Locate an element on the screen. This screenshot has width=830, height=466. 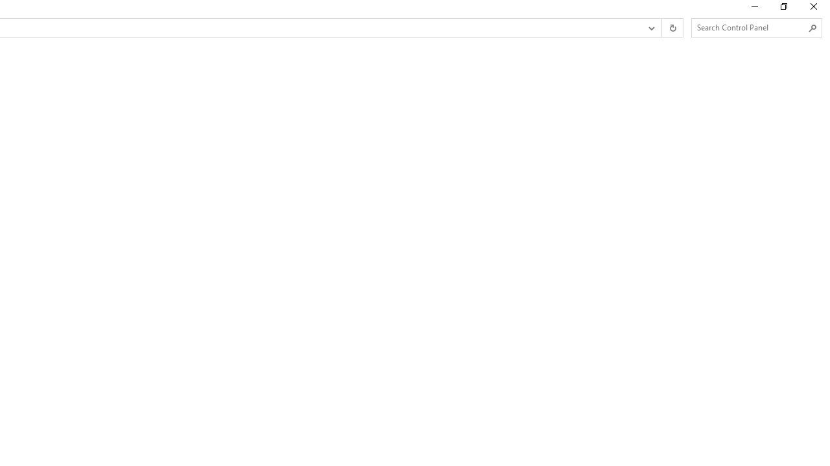
'Refresh "Clock and Region" (F5)' is located at coordinates (672, 28).